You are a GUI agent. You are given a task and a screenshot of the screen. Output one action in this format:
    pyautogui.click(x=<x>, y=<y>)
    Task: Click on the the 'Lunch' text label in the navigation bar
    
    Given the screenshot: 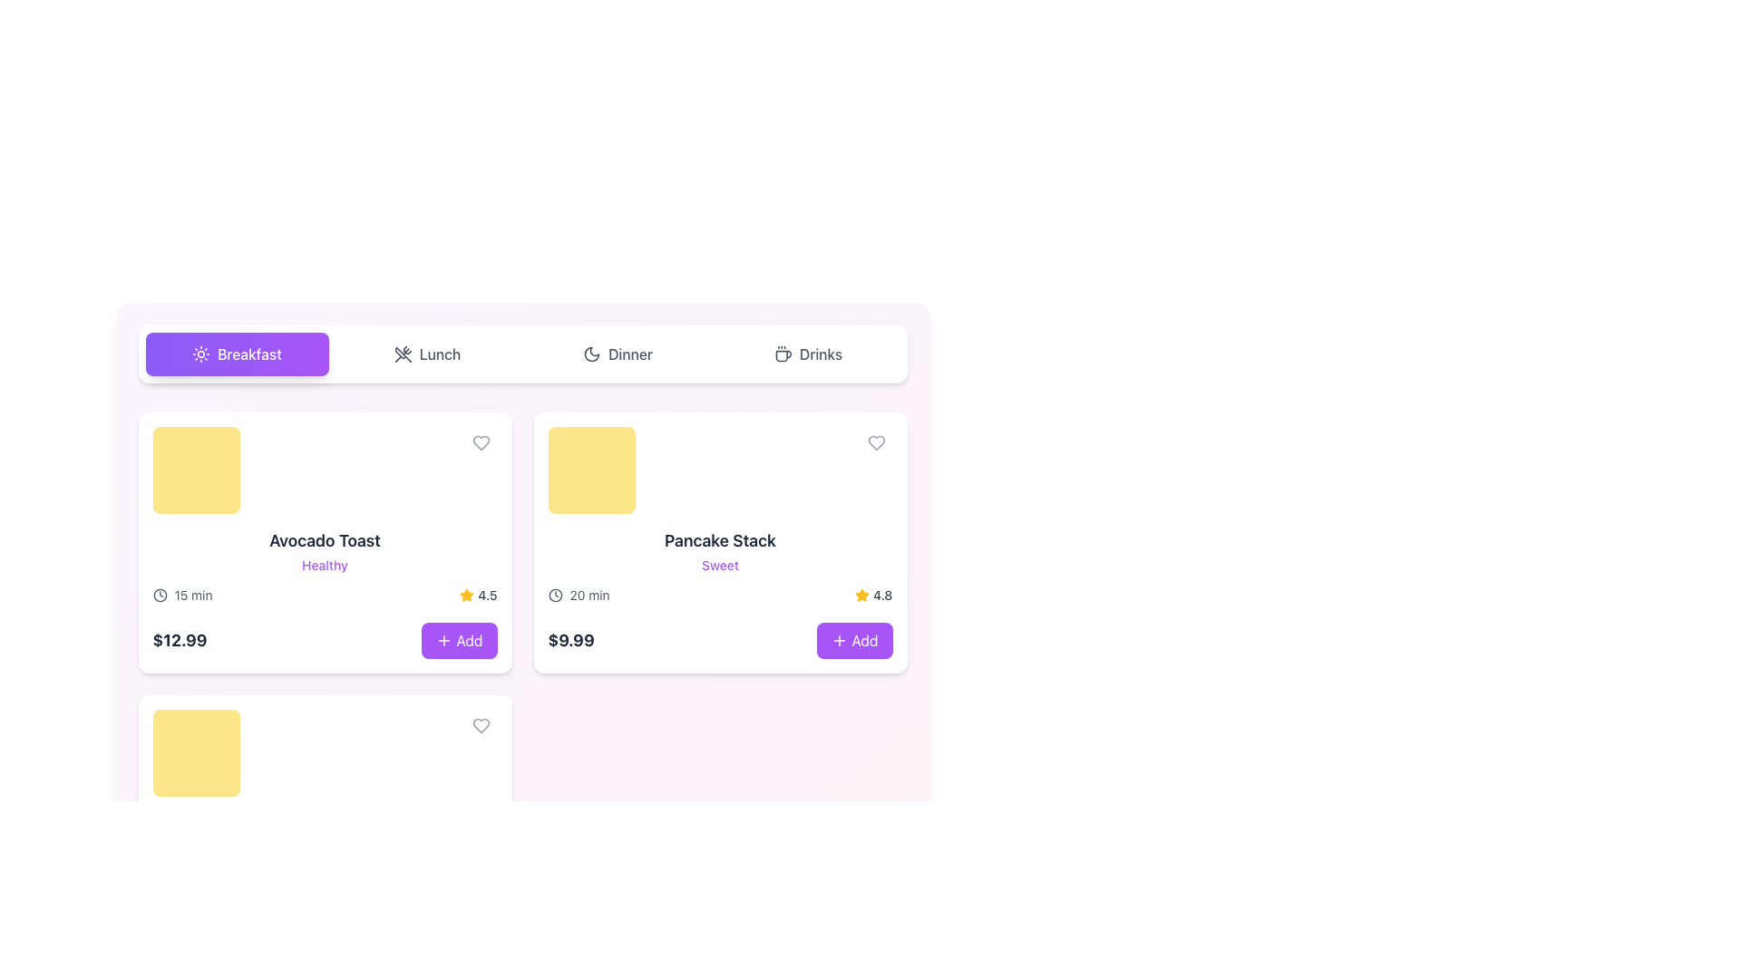 What is the action you would take?
    pyautogui.click(x=440, y=354)
    